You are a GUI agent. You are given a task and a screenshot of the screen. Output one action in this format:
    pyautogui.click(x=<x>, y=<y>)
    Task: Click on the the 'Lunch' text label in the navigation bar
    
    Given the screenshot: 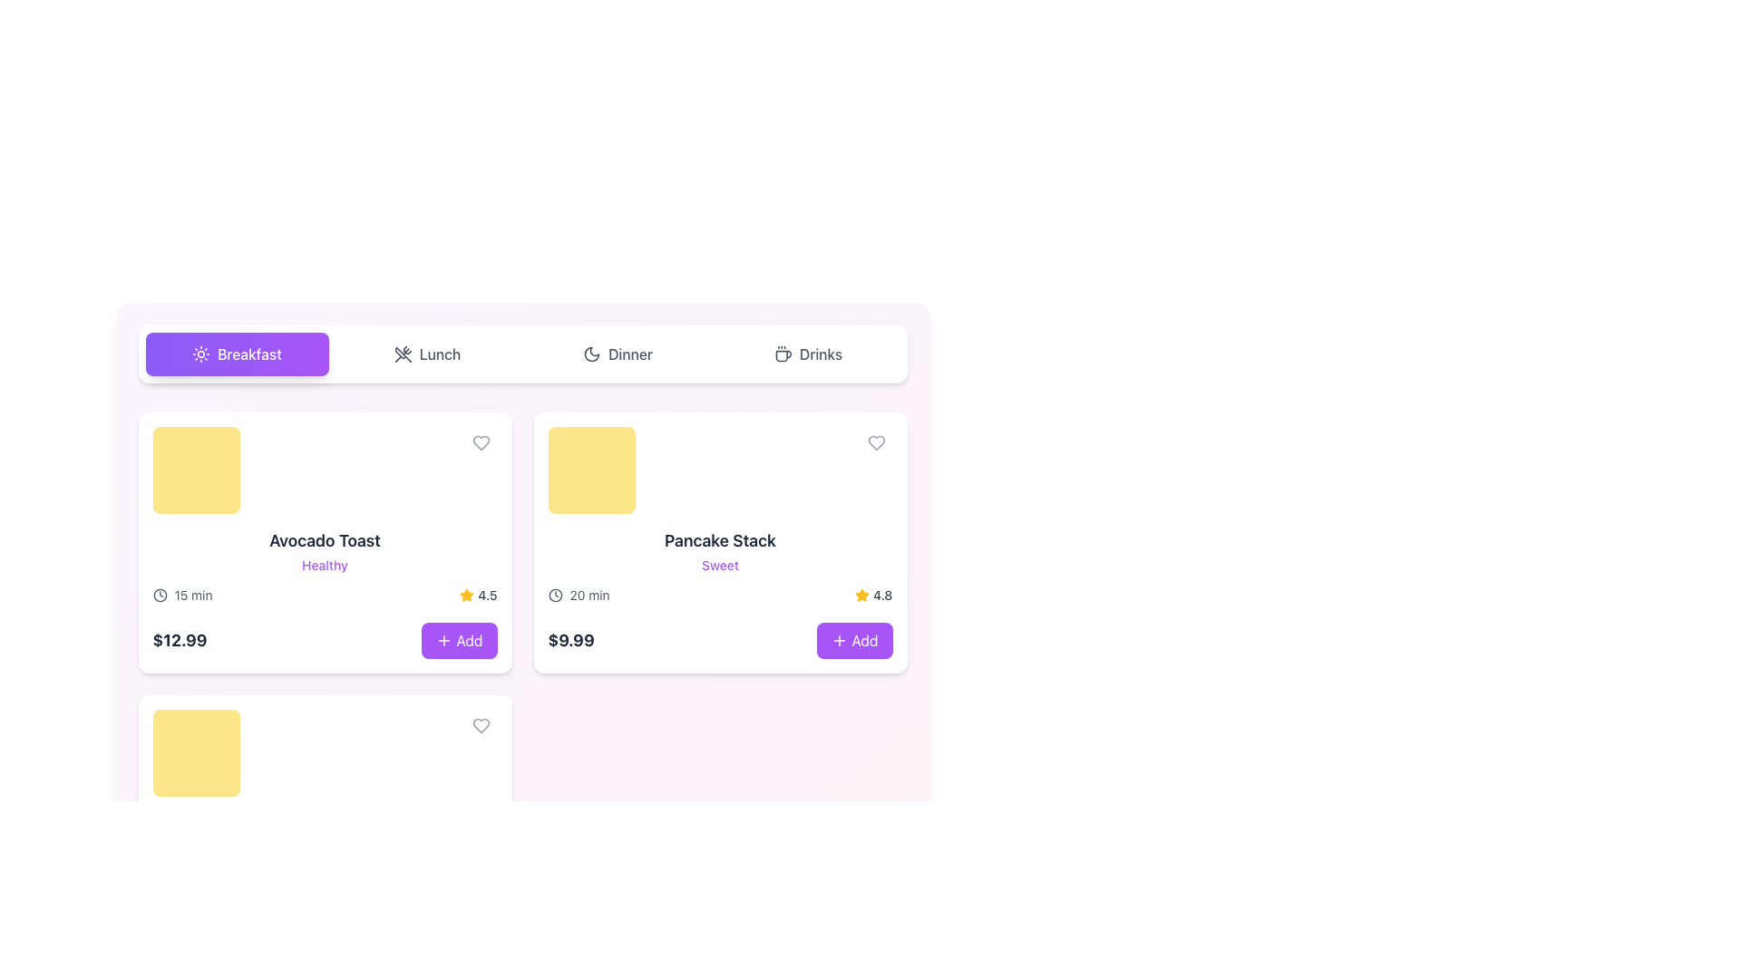 What is the action you would take?
    pyautogui.click(x=440, y=354)
    